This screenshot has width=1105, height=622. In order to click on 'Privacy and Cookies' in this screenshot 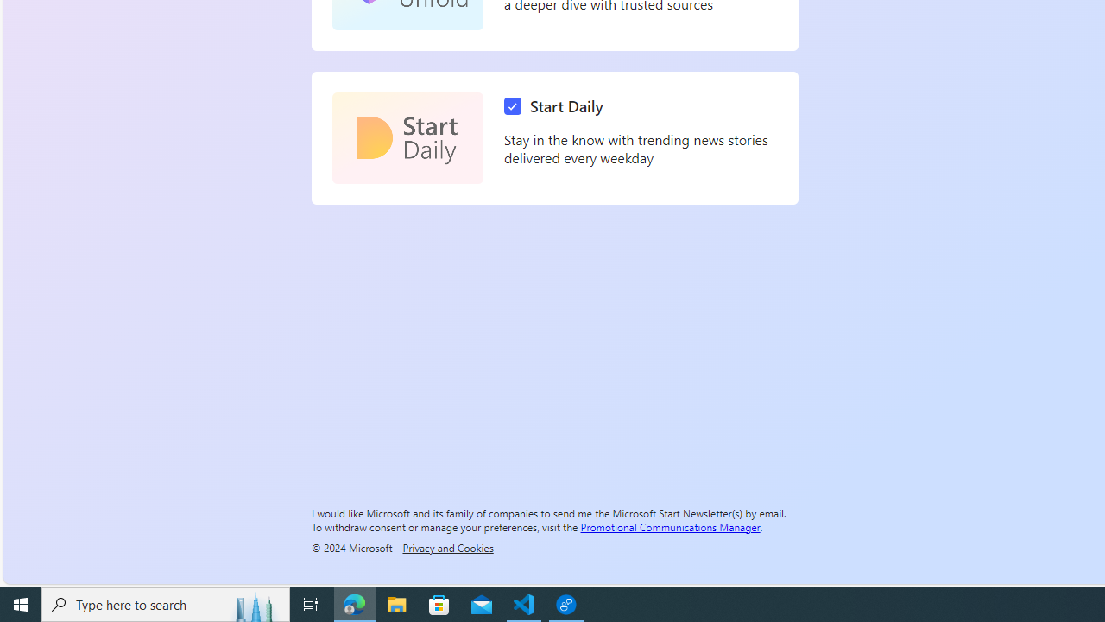, I will do `click(448, 547)`.